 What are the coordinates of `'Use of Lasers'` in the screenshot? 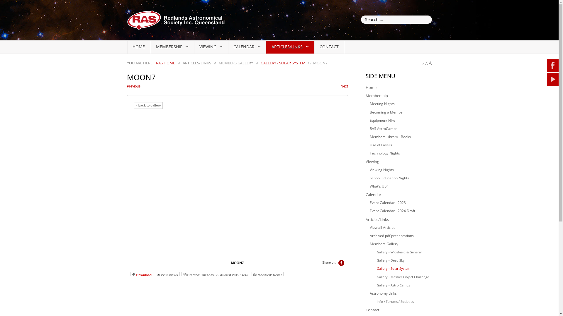 It's located at (400, 145).